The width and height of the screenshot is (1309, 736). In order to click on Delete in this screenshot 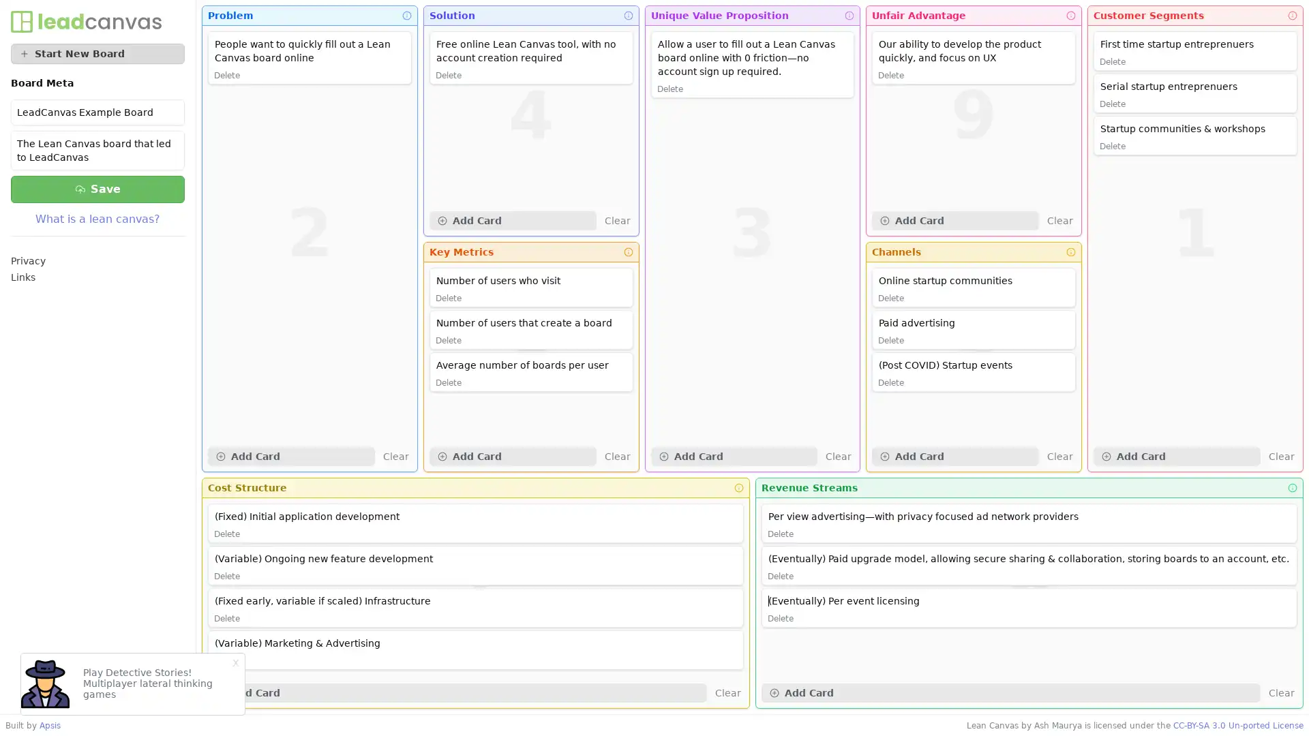, I will do `click(890, 382)`.